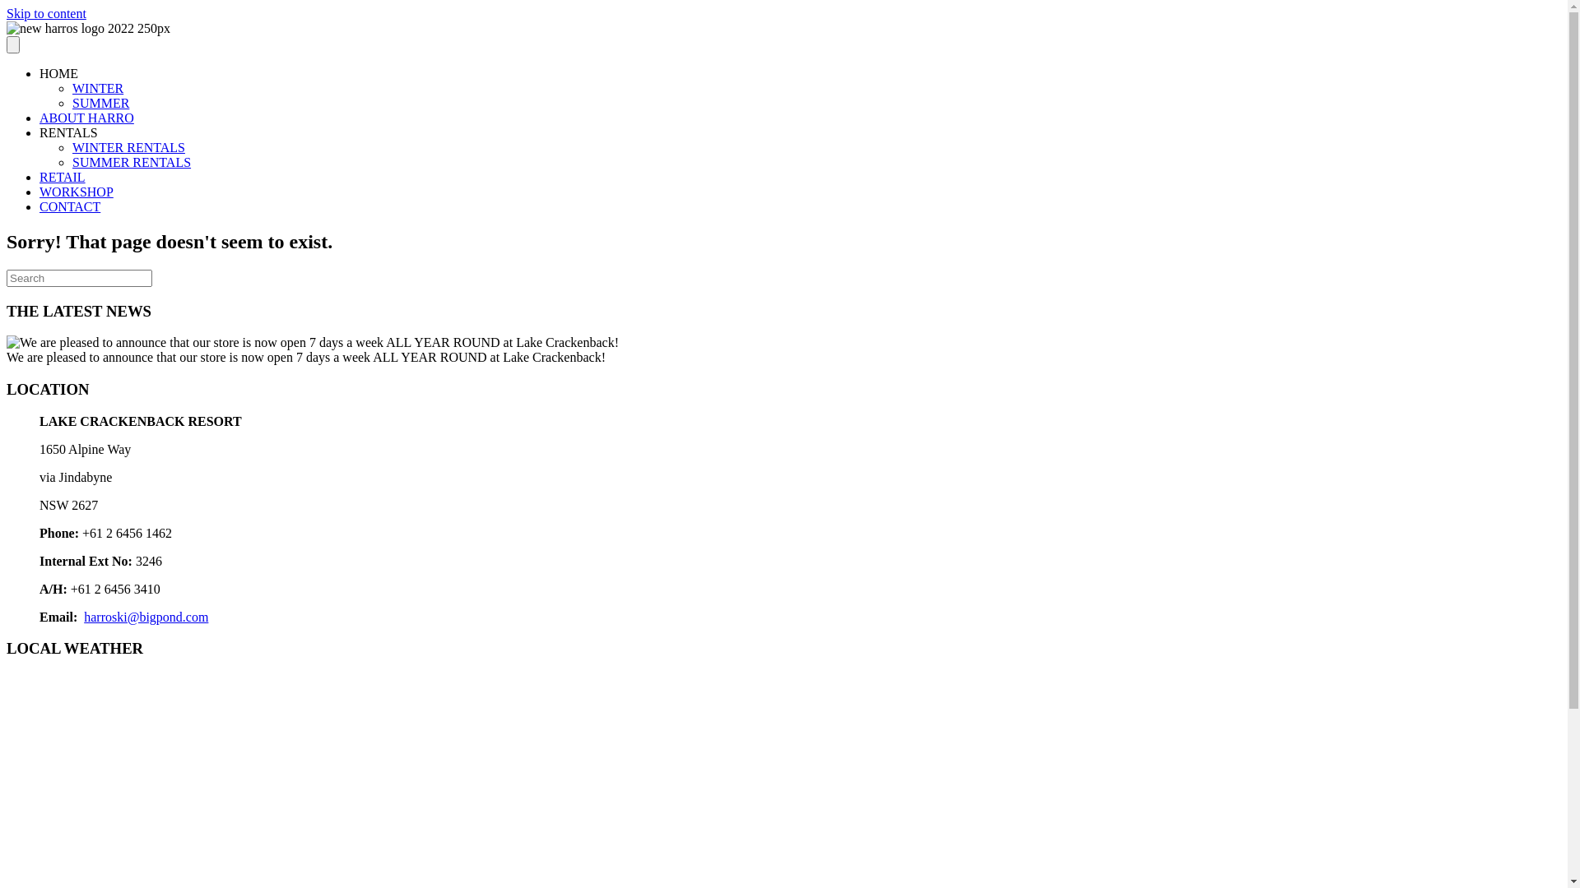  What do you see at coordinates (312, 341) in the screenshot?
I see `'David Harrison'` at bounding box center [312, 341].